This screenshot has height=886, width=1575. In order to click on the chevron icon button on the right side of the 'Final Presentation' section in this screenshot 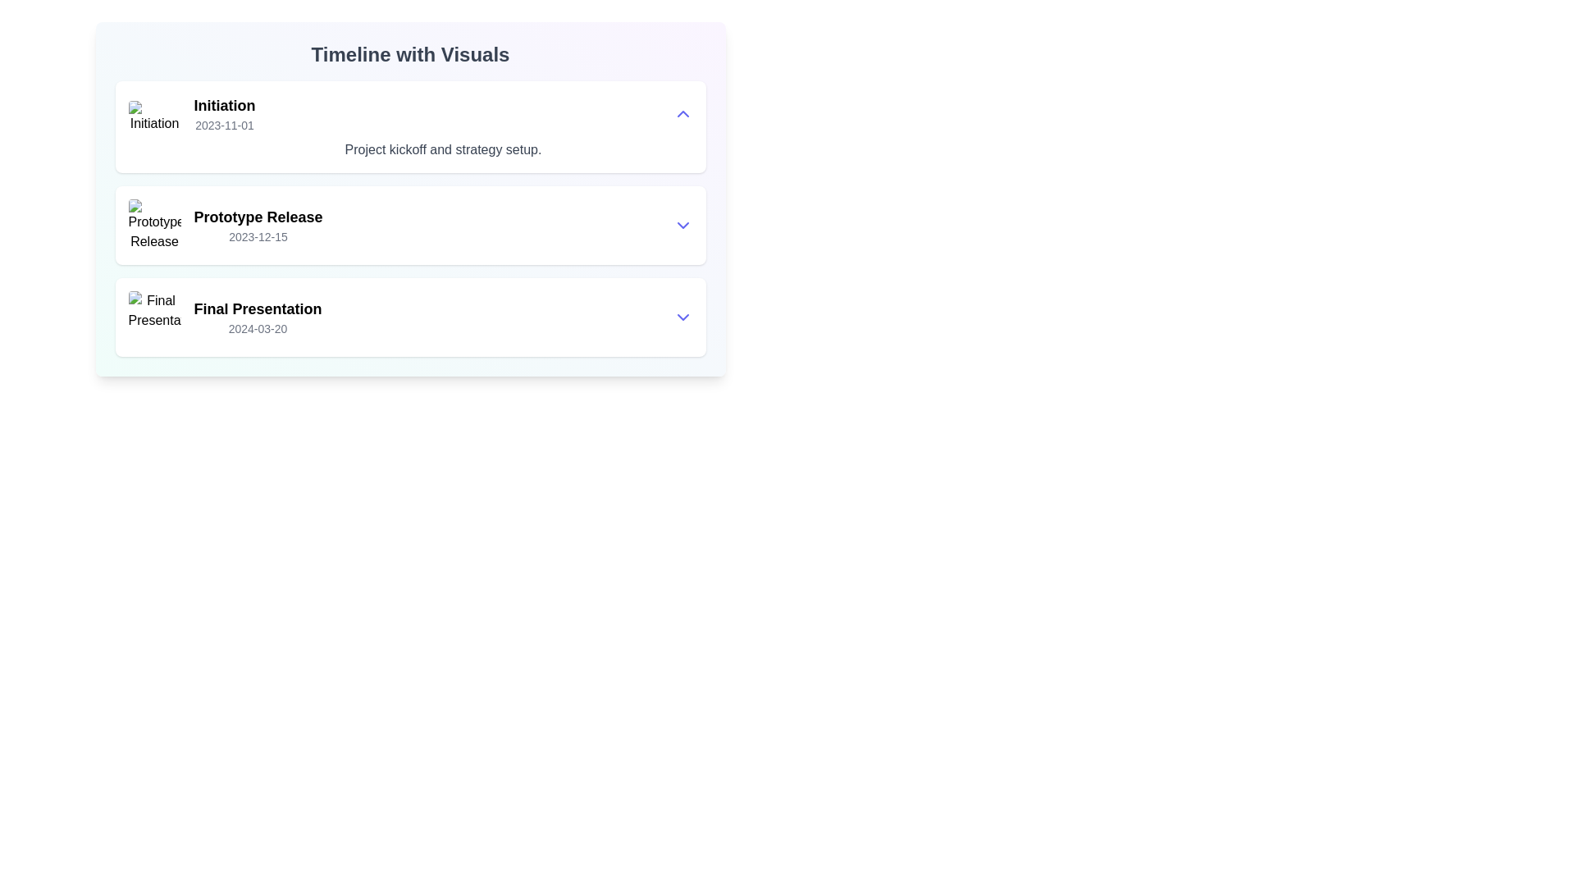, I will do `click(682, 317)`.